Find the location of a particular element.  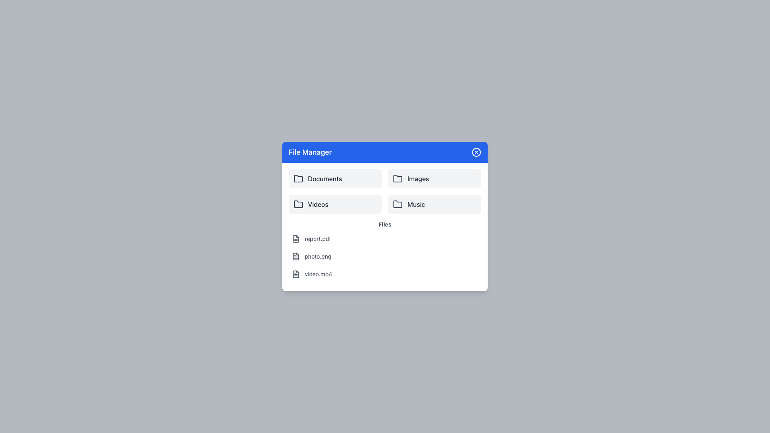

the gray outlined folder icon located in the top-right area of the File Manager interface is located at coordinates (398, 178).